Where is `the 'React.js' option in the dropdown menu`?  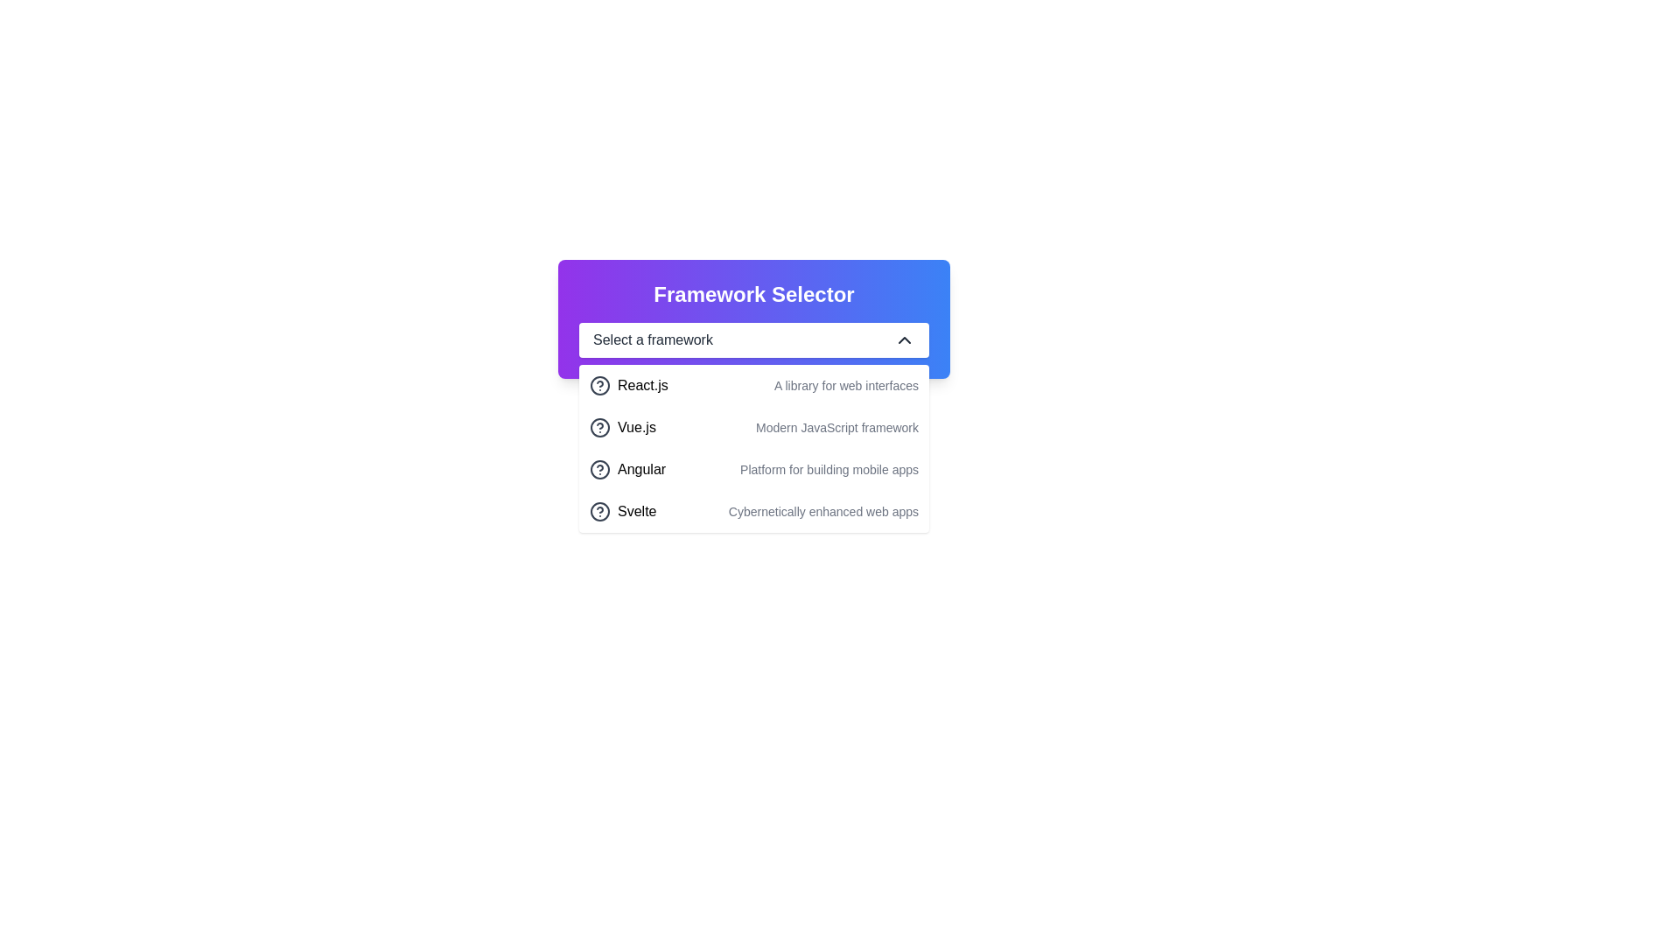 the 'React.js' option in the dropdown menu is located at coordinates (641, 384).